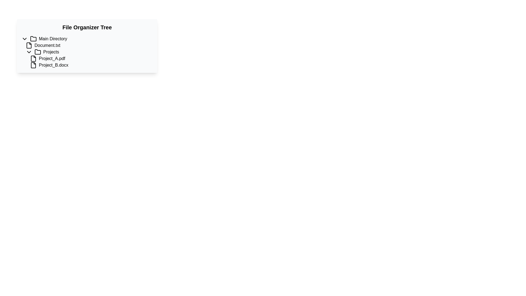 The width and height of the screenshot is (526, 296). I want to click on the folder icon that is styled with a minimalistic outline and positioned adjacent to the text 'Projects', so click(38, 52).